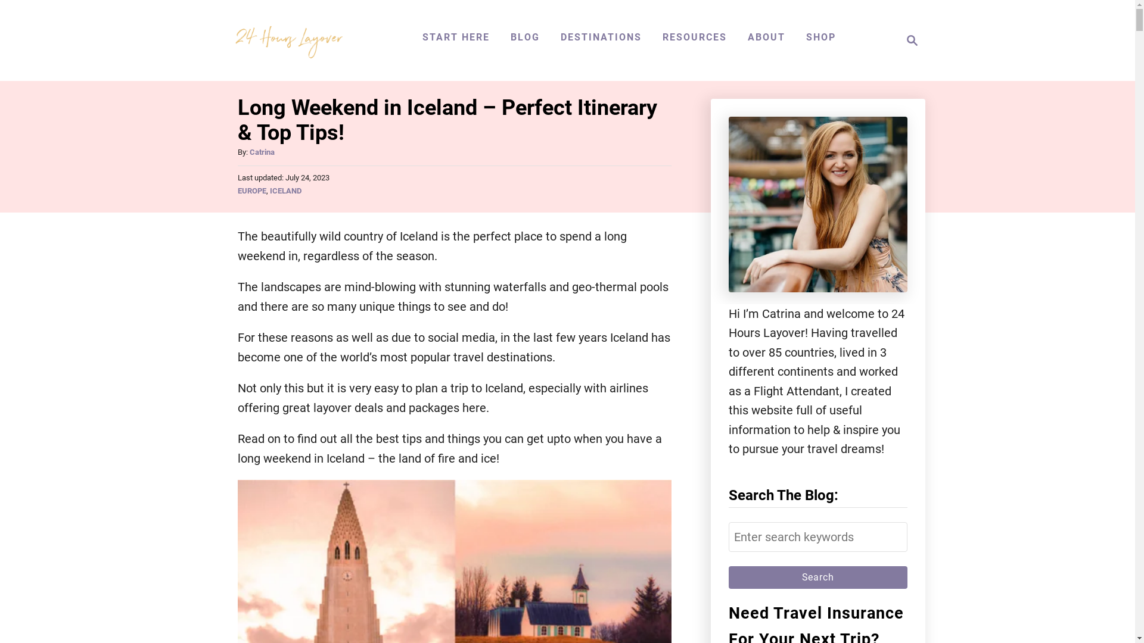  Describe the element at coordinates (288, 39) in the screenshot. I see `'24 Hours Layover'` at that location.